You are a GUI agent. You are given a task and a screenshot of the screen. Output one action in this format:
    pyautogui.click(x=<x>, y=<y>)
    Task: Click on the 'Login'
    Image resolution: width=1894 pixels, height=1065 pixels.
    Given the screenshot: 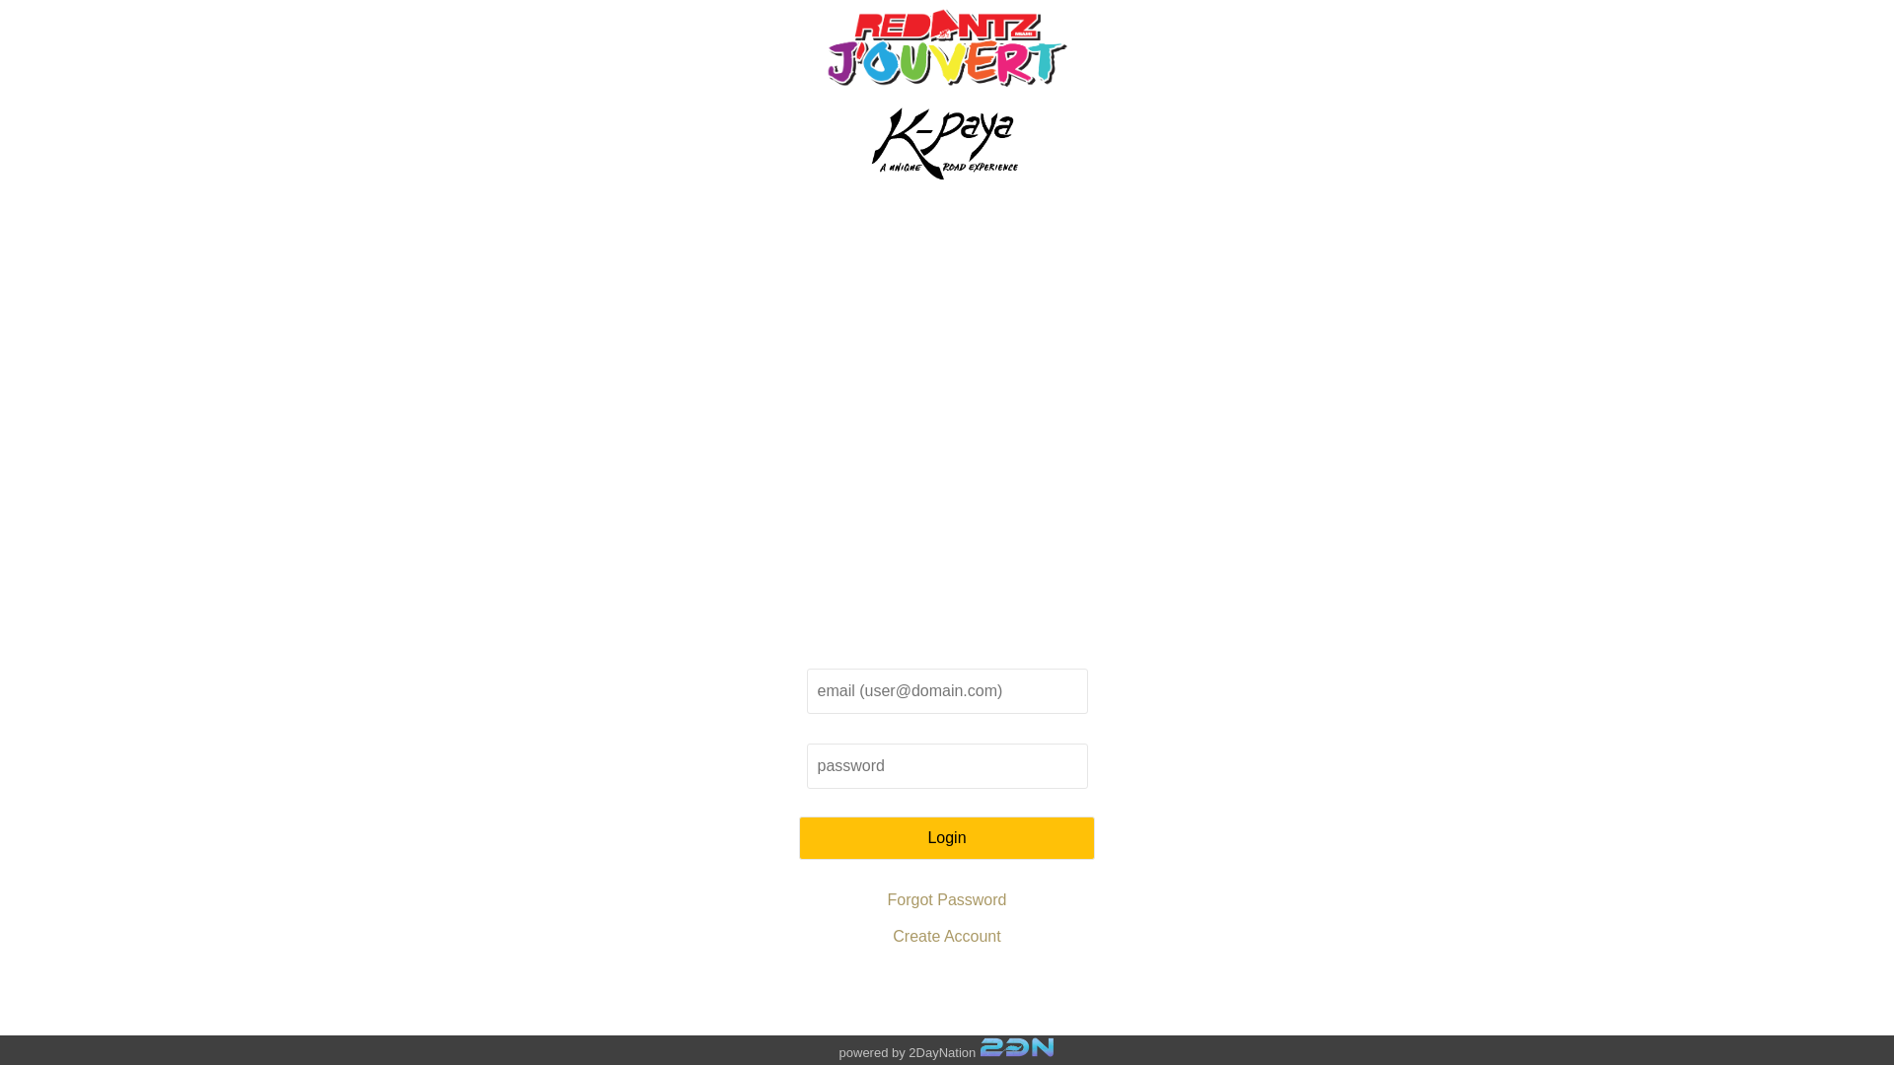 What is the action you would take?
    pyautogui.click(x=799, y=837)
    